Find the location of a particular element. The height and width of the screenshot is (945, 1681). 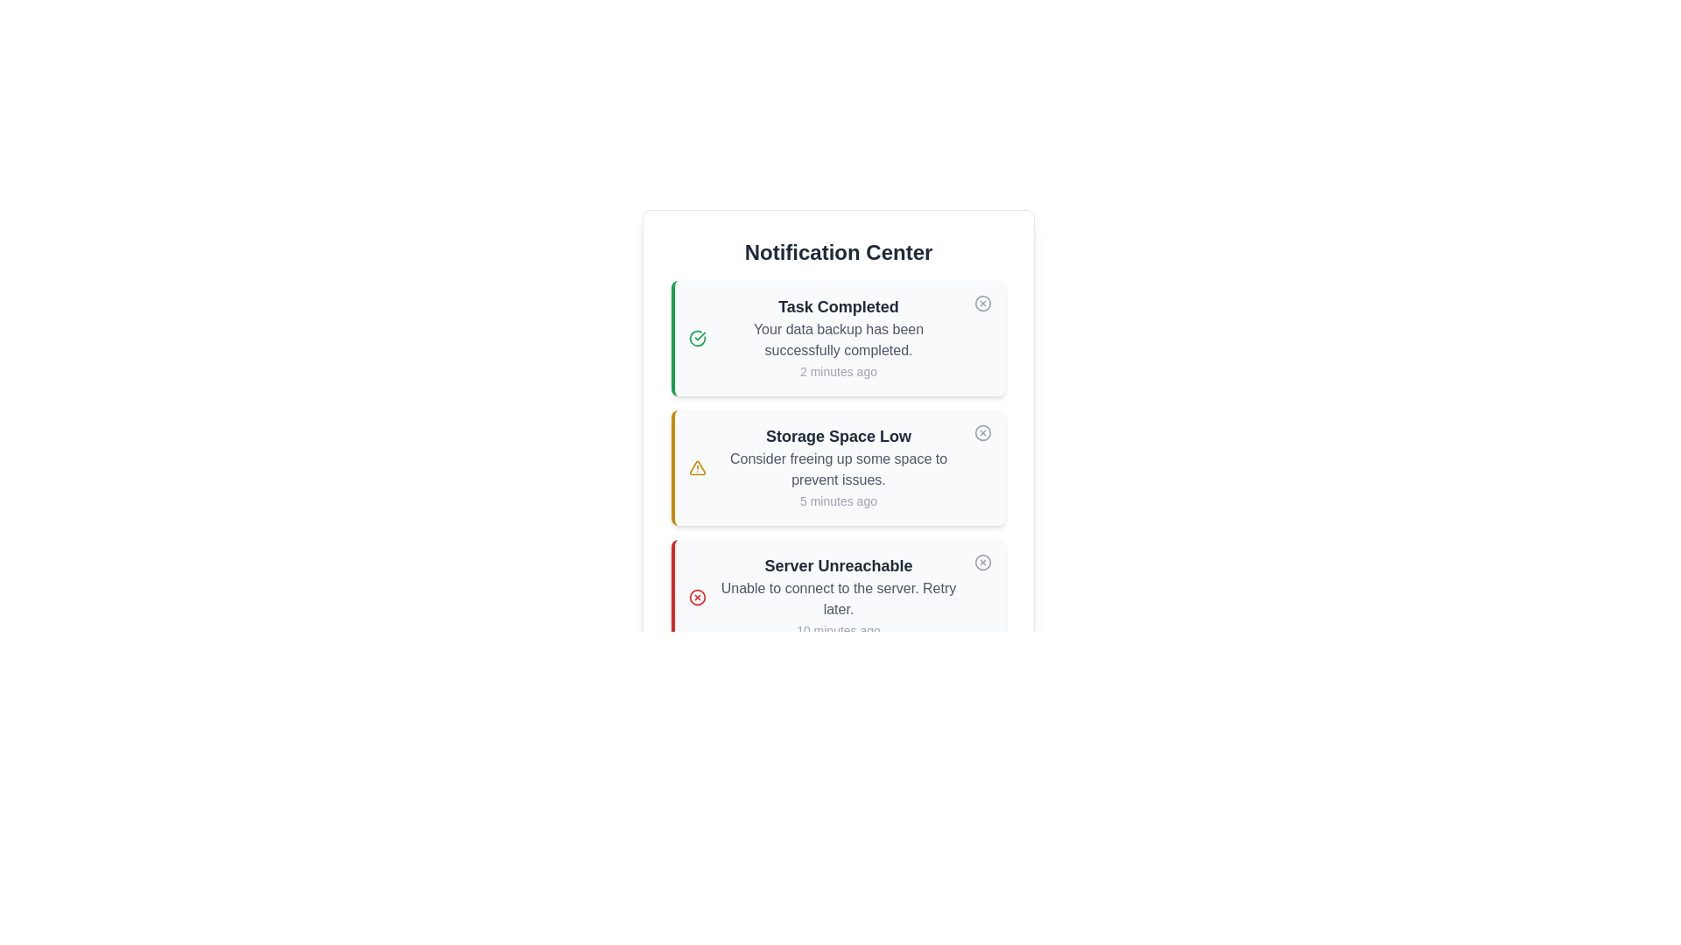

the small circular button with a cross icon located in the top-right corner of the 'Server Unreachable' notification card to change its color is located at coordinates (983, 563).